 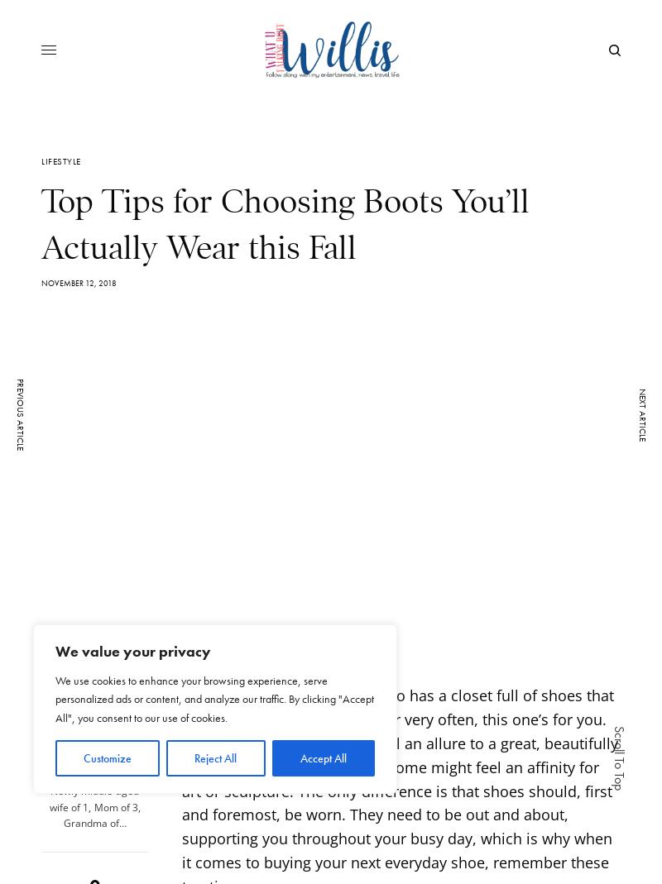 What do you see at coordinates (619, 757) in the screenshot?
I see `'Scroll To Top'` at bounding box center [619, 757].